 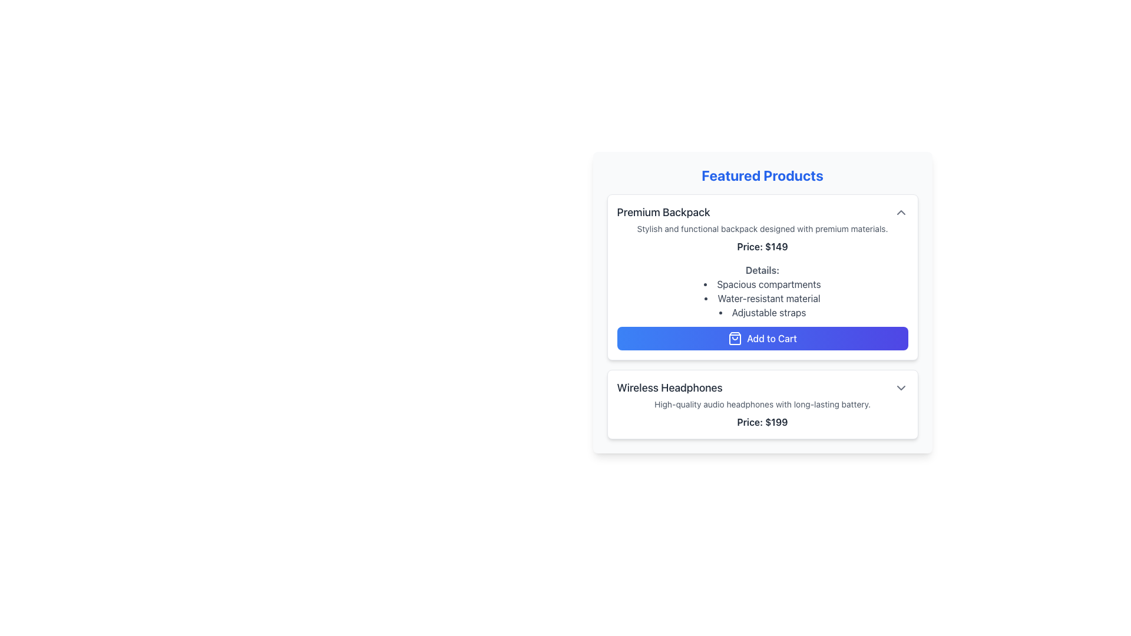 What do you see at coordinates (670, 388) in the screenshot?
I see `the text label displaying 'Wireless Headphones' in a large, bold font, aligned to the left within its card-like structure` at bounding box center [670, 388].